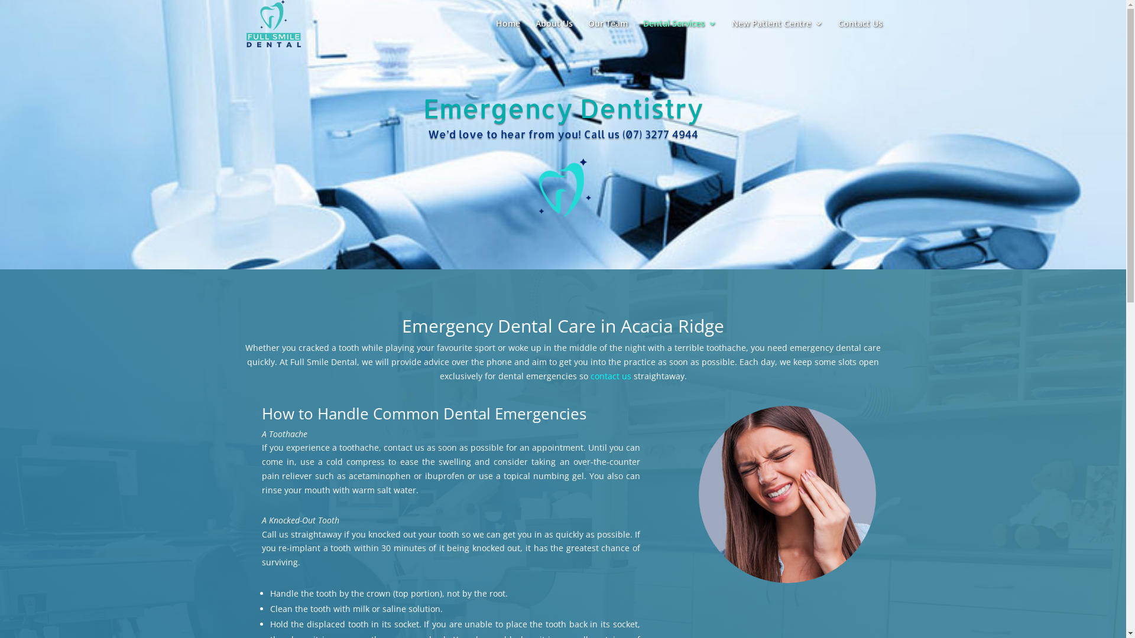  What do you see at coordinates (860, 32) in the screenshot?
I see `'Contact Us'` at bounding box center [860, 32].